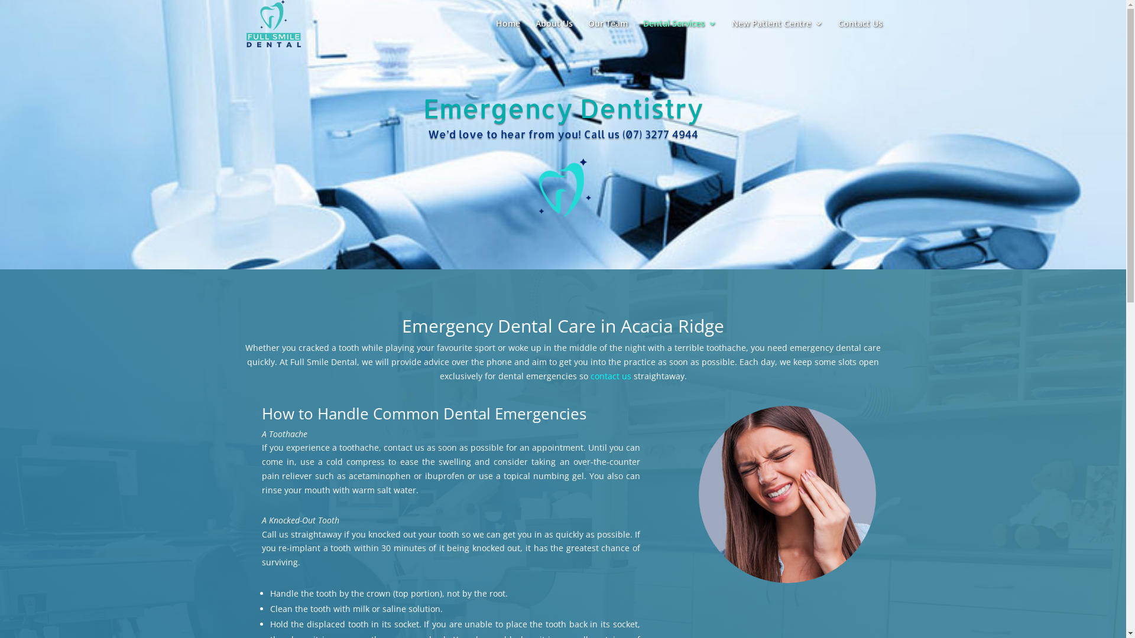  What do you see at coordinates (860, 32) in the screenshot?
I see `'Contact Us'` at bounding box center [860, 32].